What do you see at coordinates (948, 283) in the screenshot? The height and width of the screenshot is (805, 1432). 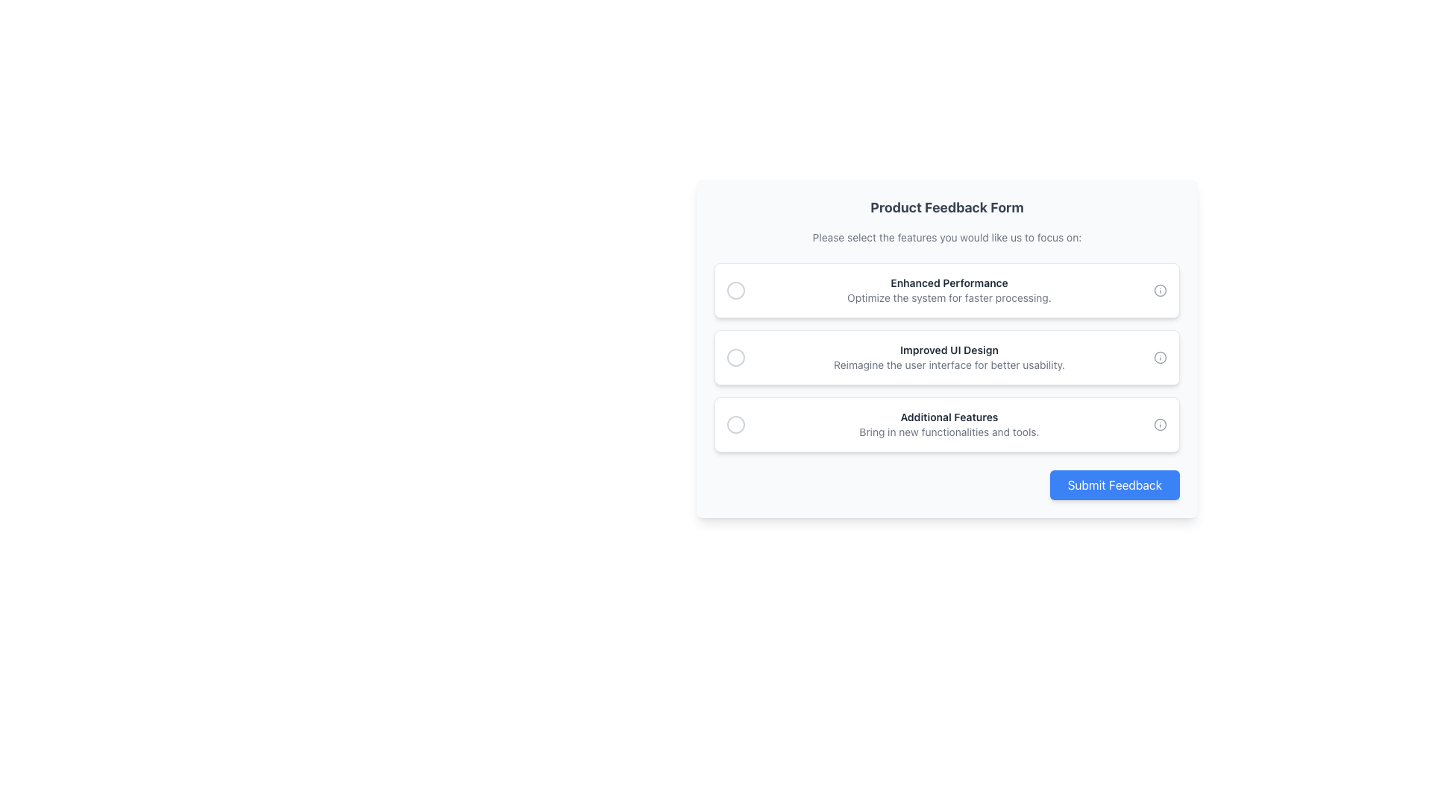 I see `the first text label in the user feedback form, which titles the option and is located at the top of the three cards under the 'Product Feedback Form' heading` at bounding box center [948, 283].